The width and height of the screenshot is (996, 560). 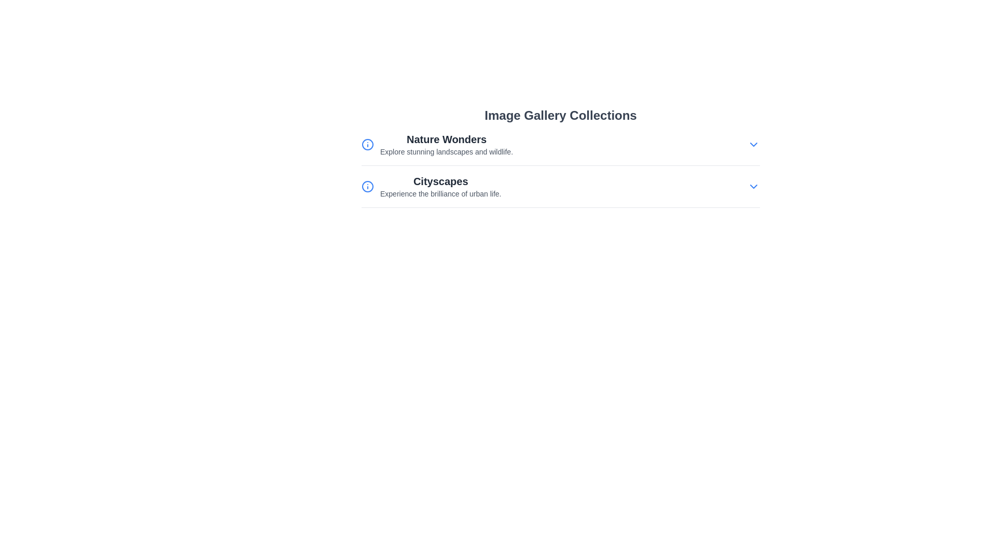 What do you see at coordinates (446, 152) in the screenshot?
I see `the static text providing a description for the 'Nature Wonders' collection, located directly below the title 'Nature Wonders'` at bounding box center [446, 152].